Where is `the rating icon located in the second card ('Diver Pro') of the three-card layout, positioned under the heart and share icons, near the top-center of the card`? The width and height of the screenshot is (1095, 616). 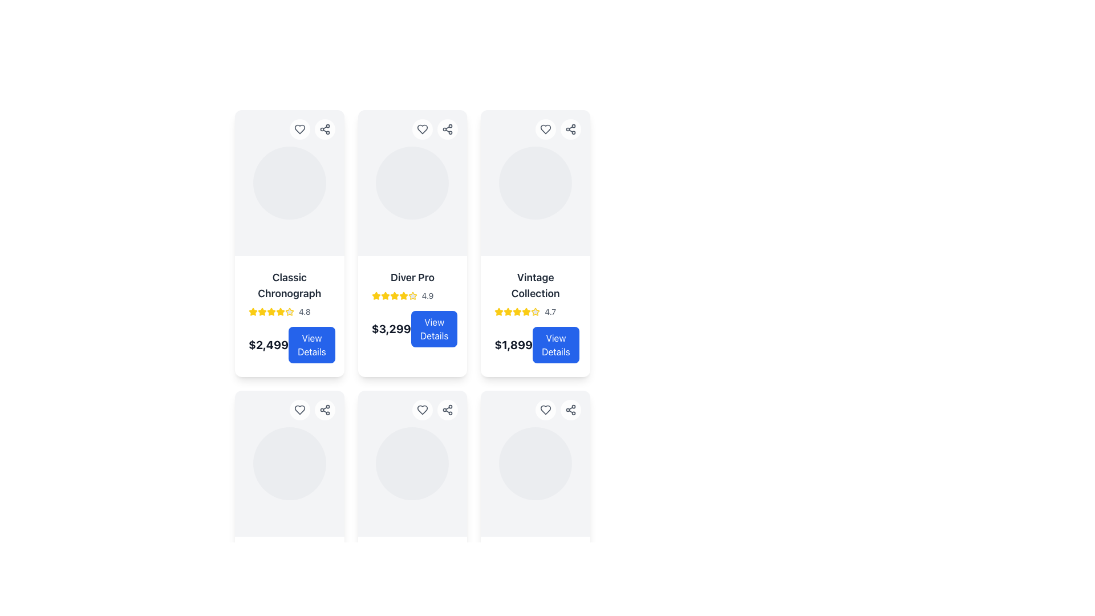
the rating icon located in the second card ('Diver Pro') of the three-card layout, positioned under the heart and share icons, near the top-center of the card is located at coordinates (376, 295).